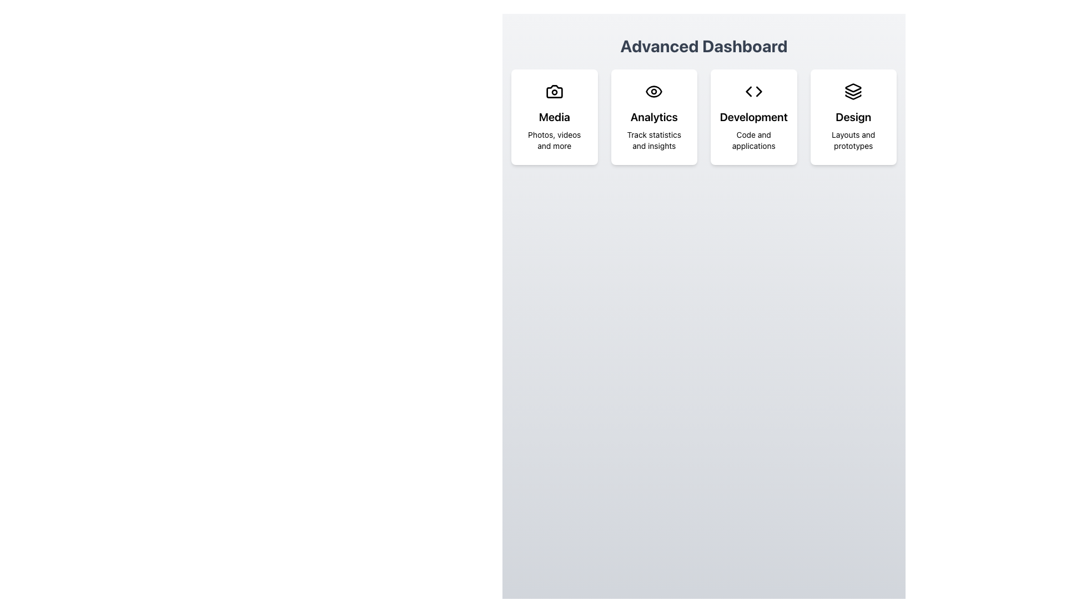  What do you see at coordinates (853, 87) in the screenshot?
I see `the uppermost rhombus-shaped SVG graphic icon, which is part of a stack design and located near the upper-right corner of the dashboard, above the 'Design' text` at bounding box center [853, 87].